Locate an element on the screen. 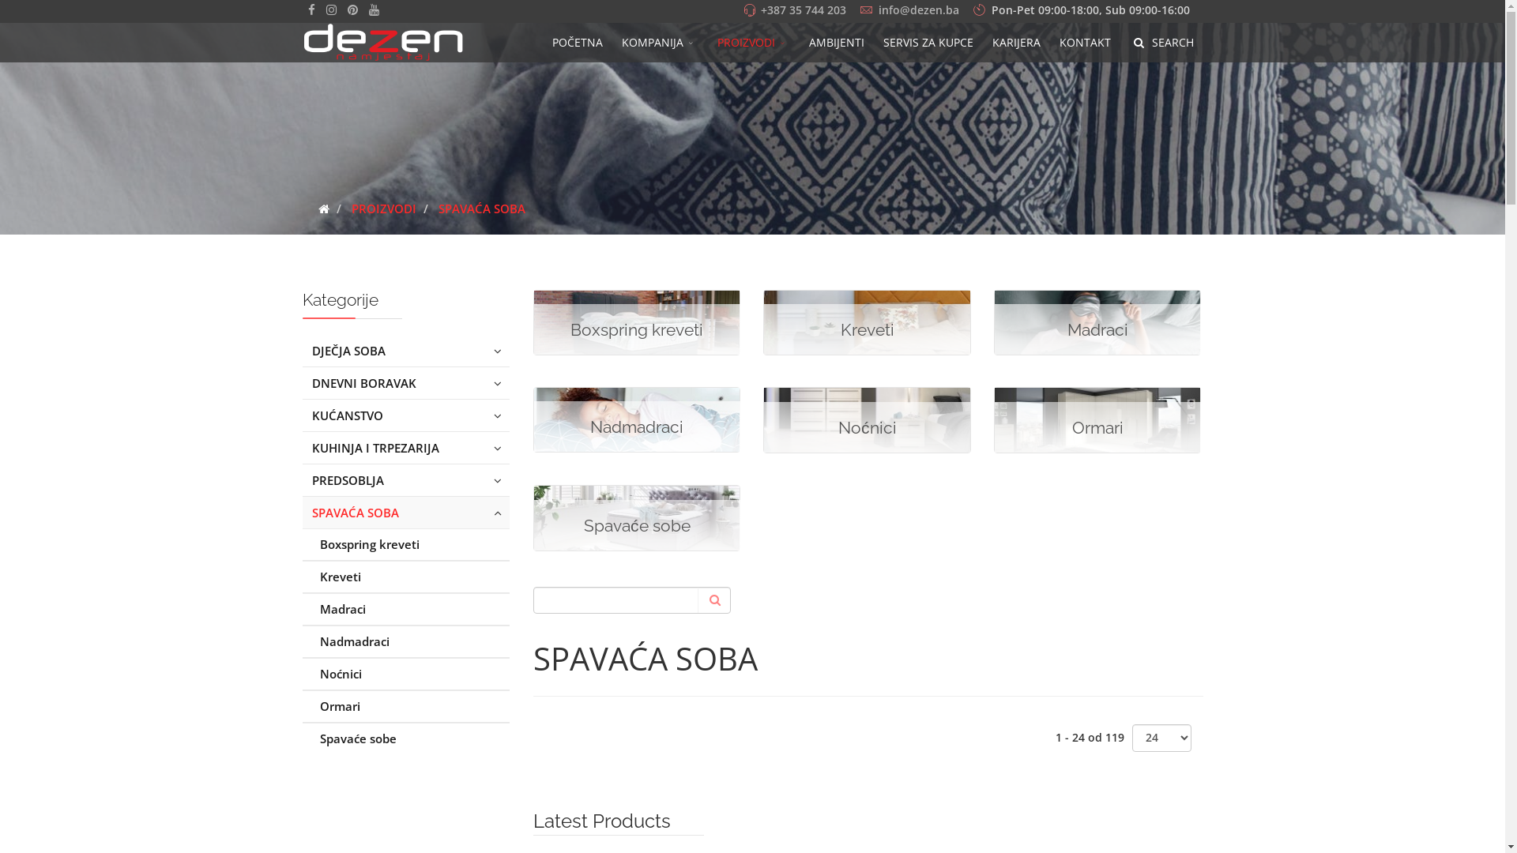 Image resolution: width=1517 pixels, height=853 pixels. 'PREDSOBLJA' is located at coordinates (302, 479).